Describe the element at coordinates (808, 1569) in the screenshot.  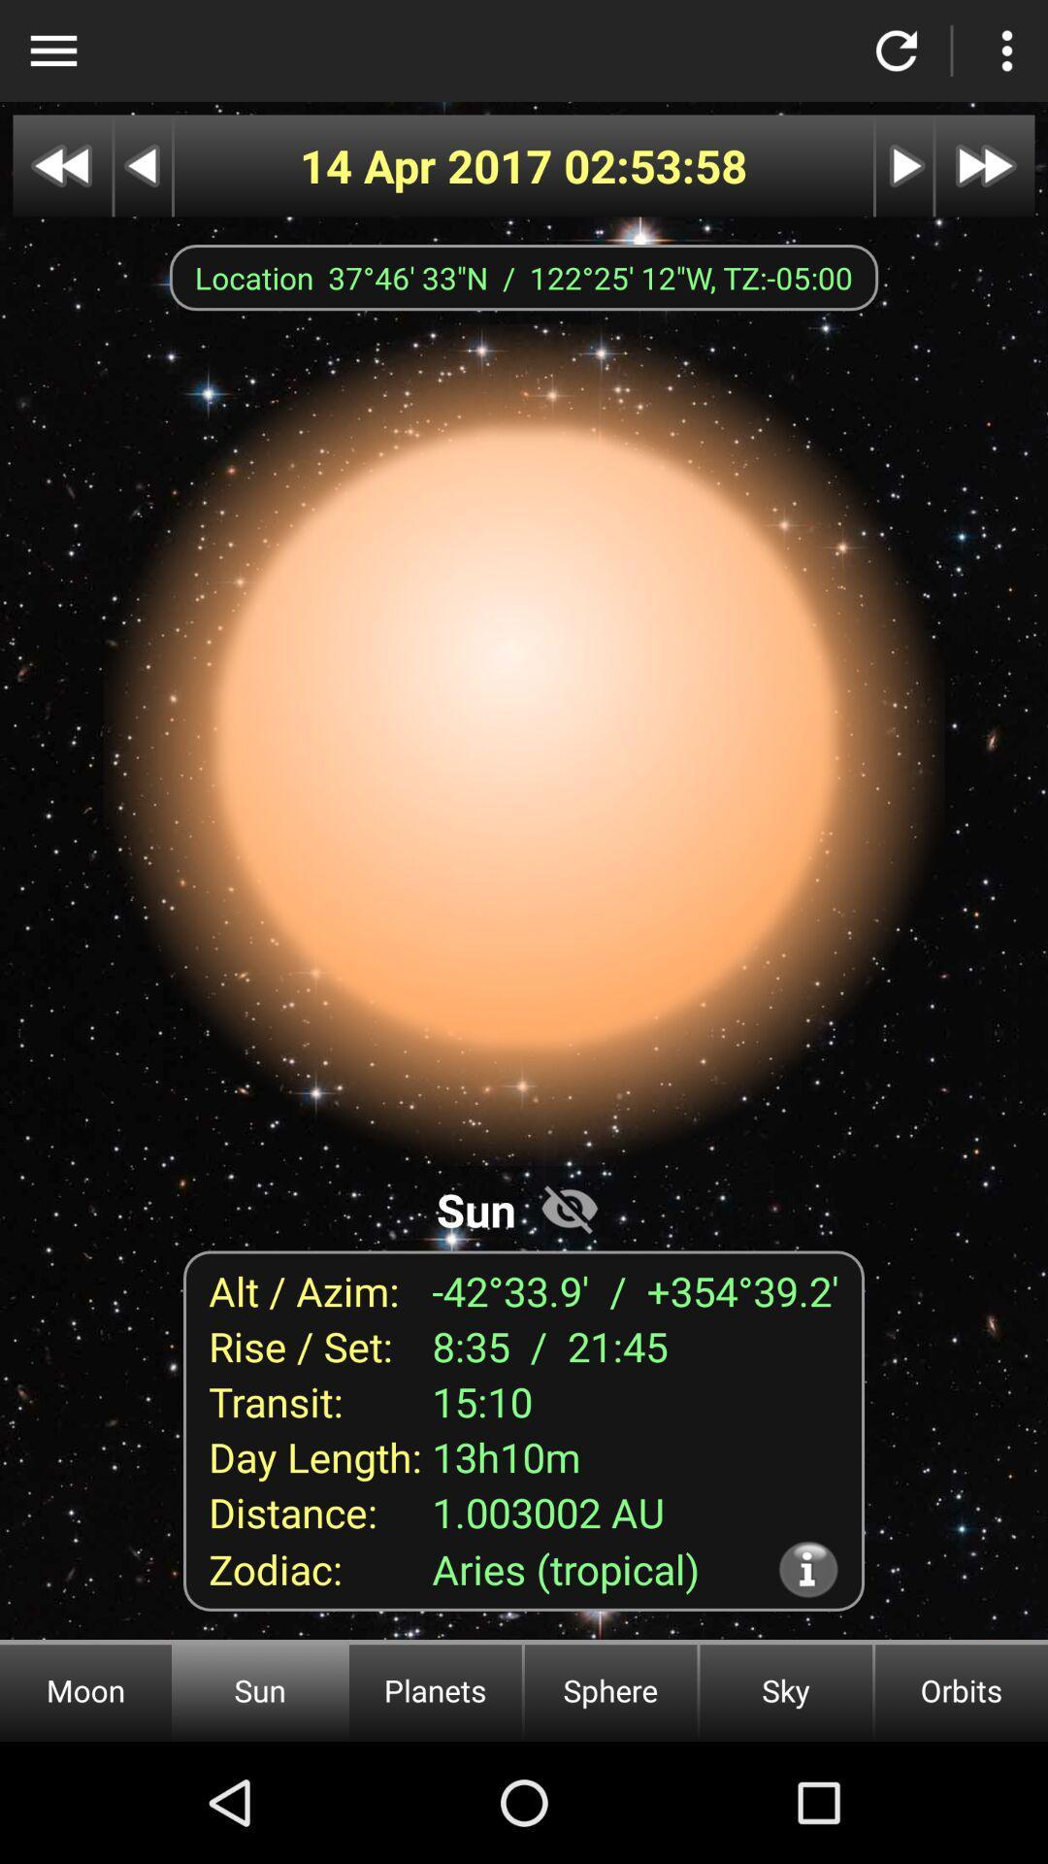
I see `icon below 1.003002 au` at that location.